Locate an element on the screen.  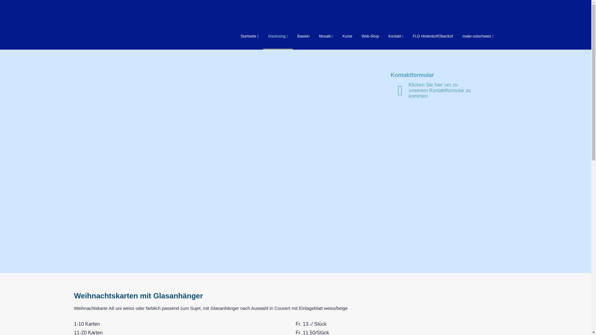
'Mosaik' is located at coordinates (326, 36).